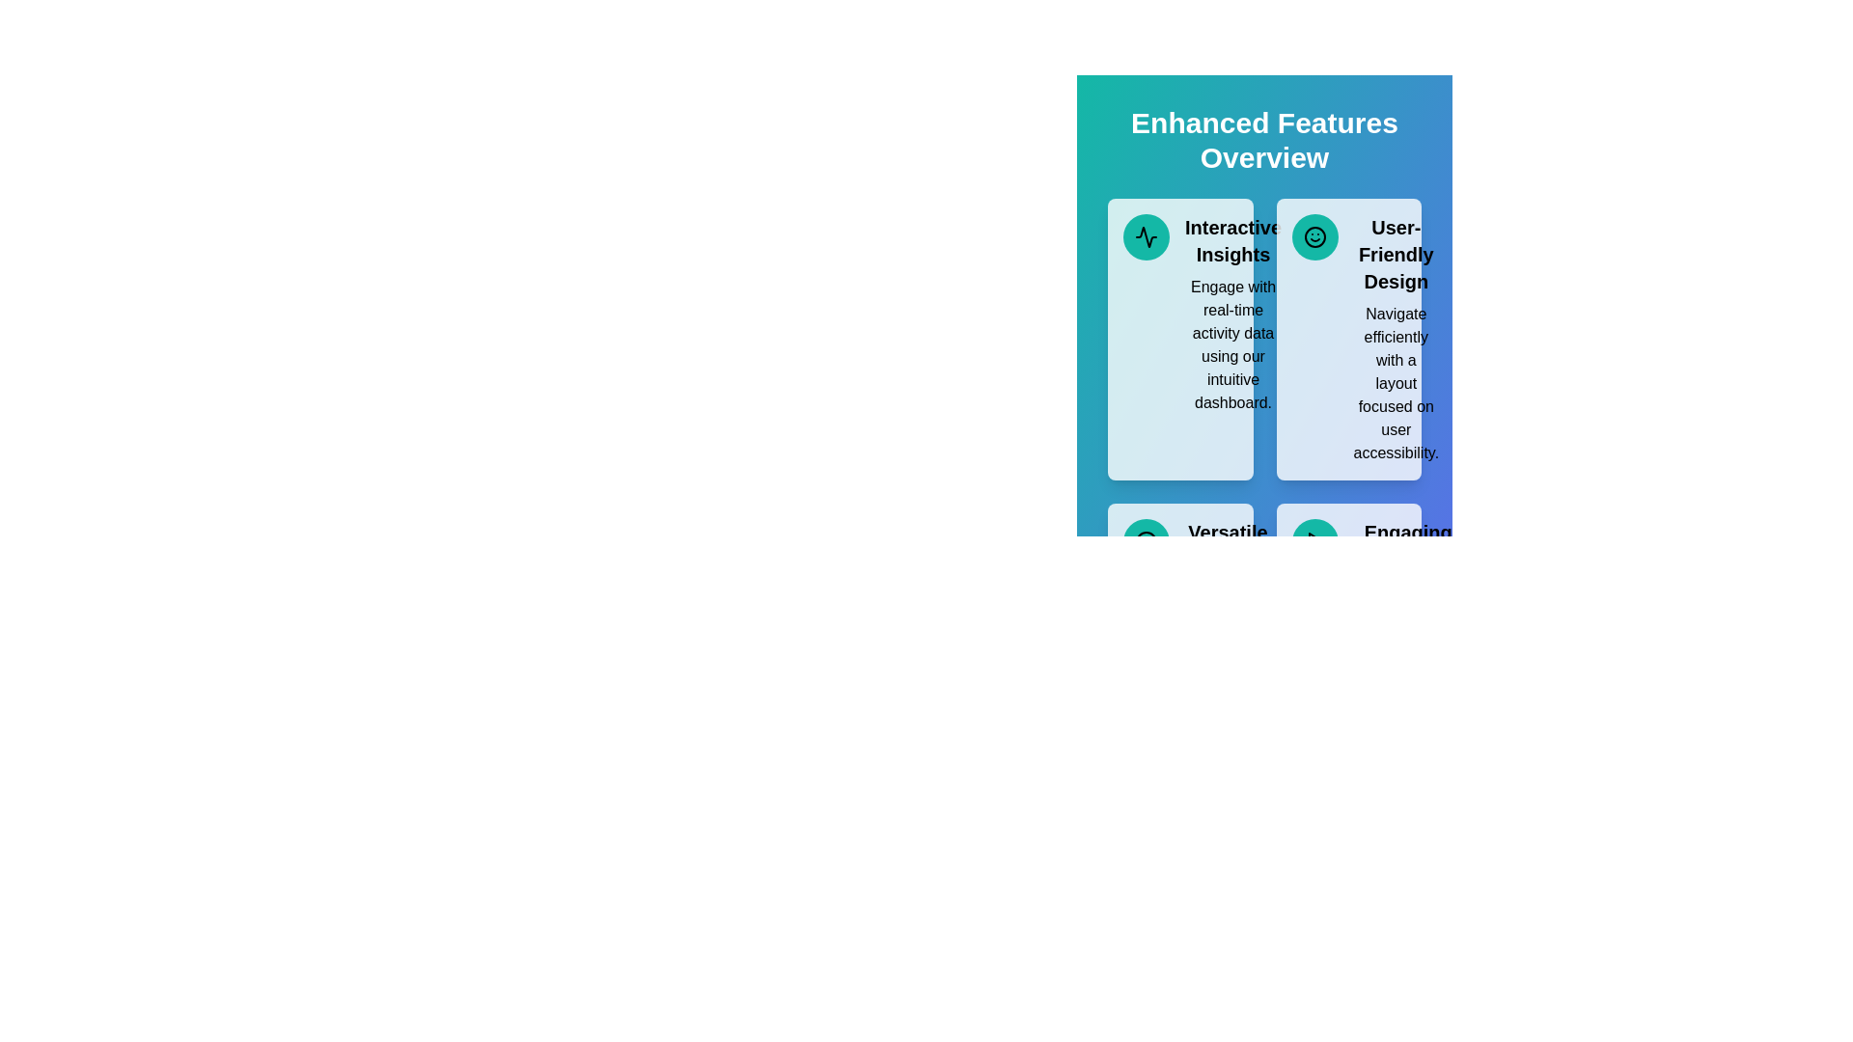 The height and width of the screenshot is (1042, 1853). I want to click on the Text block located in the top left corner of the grid, which serves as an informative component for an interactive feature, so click(1231, 314).